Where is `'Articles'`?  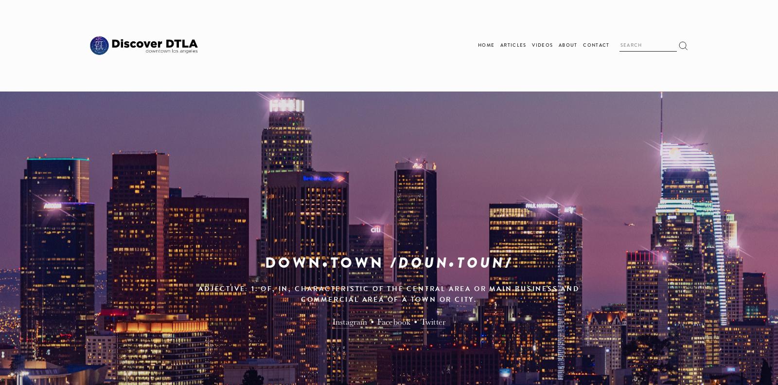 'Articles' is located at coordinates (500, 45).